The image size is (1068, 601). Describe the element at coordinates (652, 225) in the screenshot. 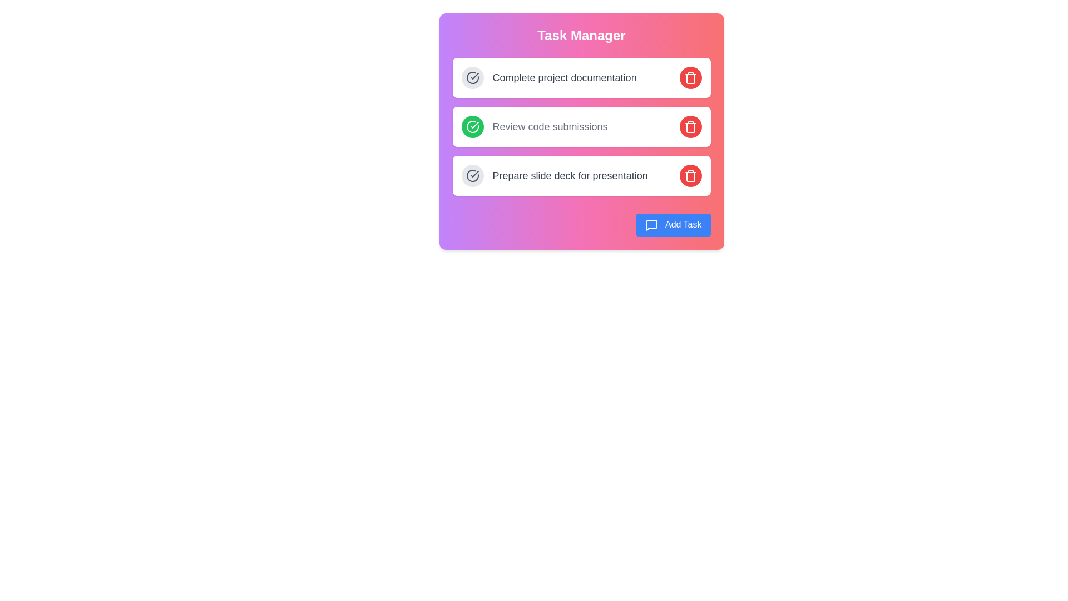

I see `the small speech bubble icon with white lines against a blue background, located to the left of the 'Add Task' button text` at that location.